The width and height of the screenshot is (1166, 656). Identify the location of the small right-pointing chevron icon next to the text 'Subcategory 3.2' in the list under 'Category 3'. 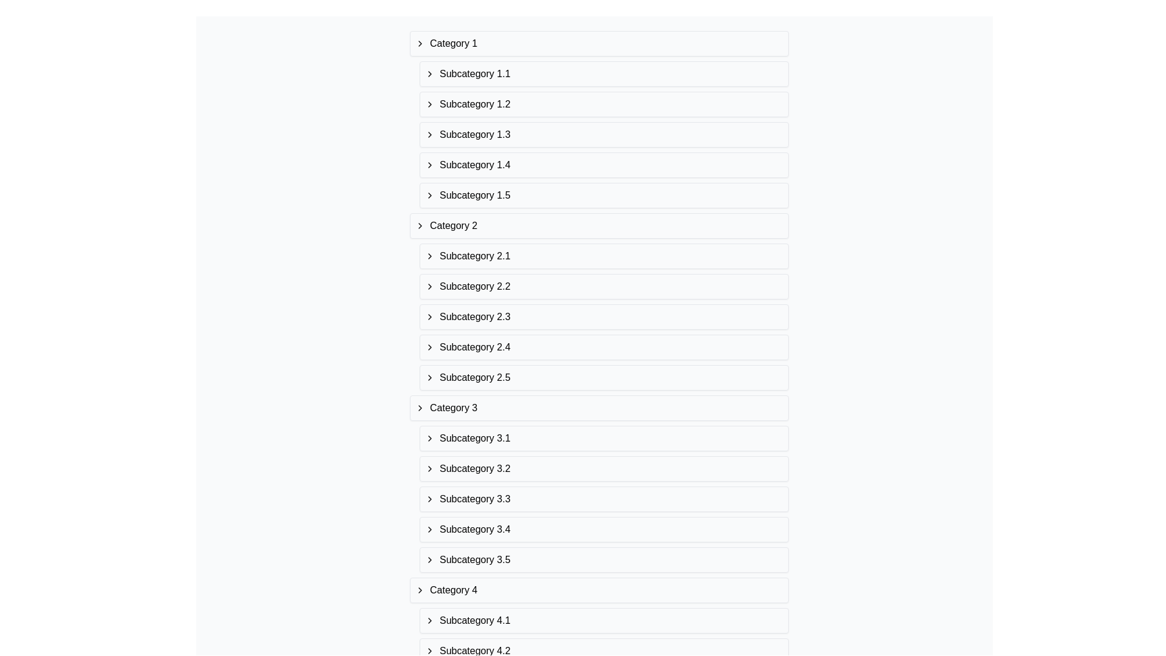
(430, 468).